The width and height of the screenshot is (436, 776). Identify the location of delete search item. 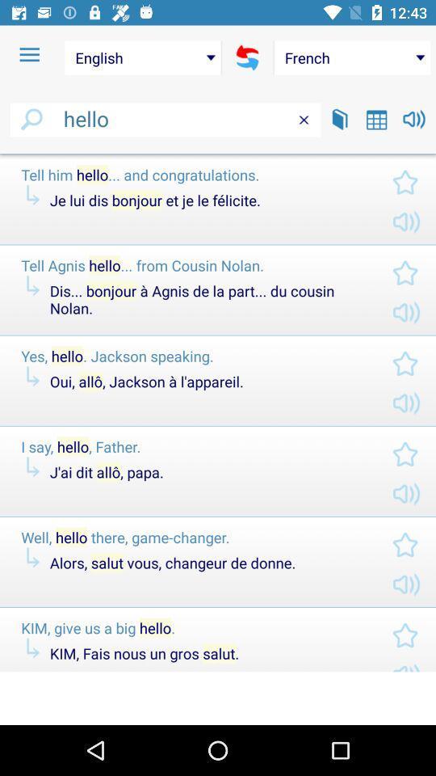
(304, 119).